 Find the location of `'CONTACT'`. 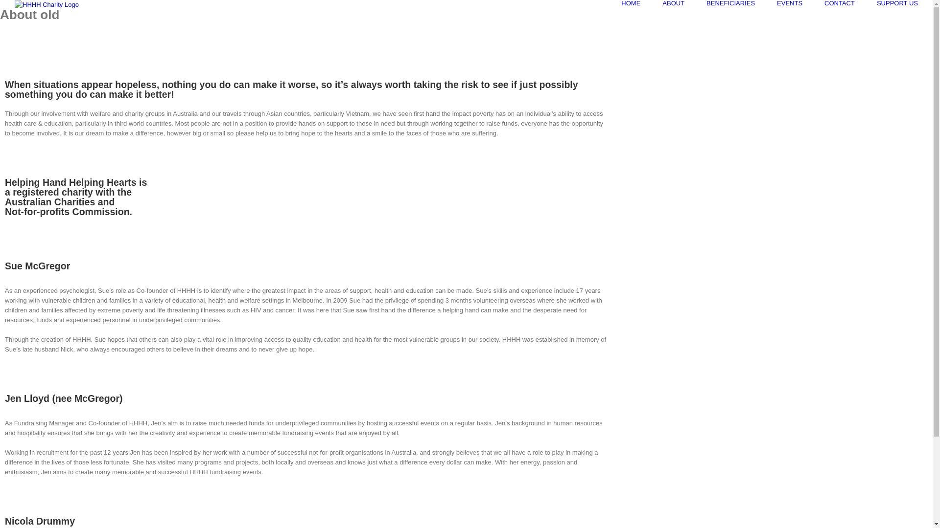

'CONTACT' is located at coordinates (839, 3).